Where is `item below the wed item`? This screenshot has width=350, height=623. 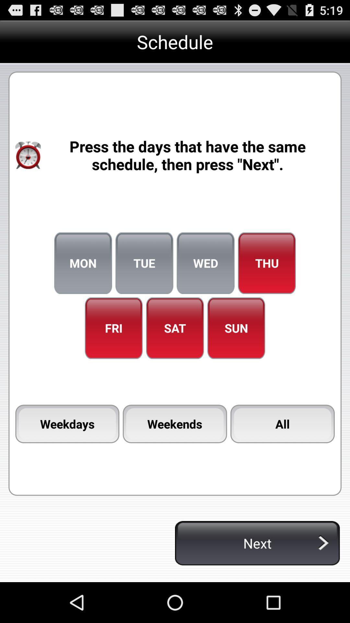 item below the wed item is located at coordinates (236, 328).